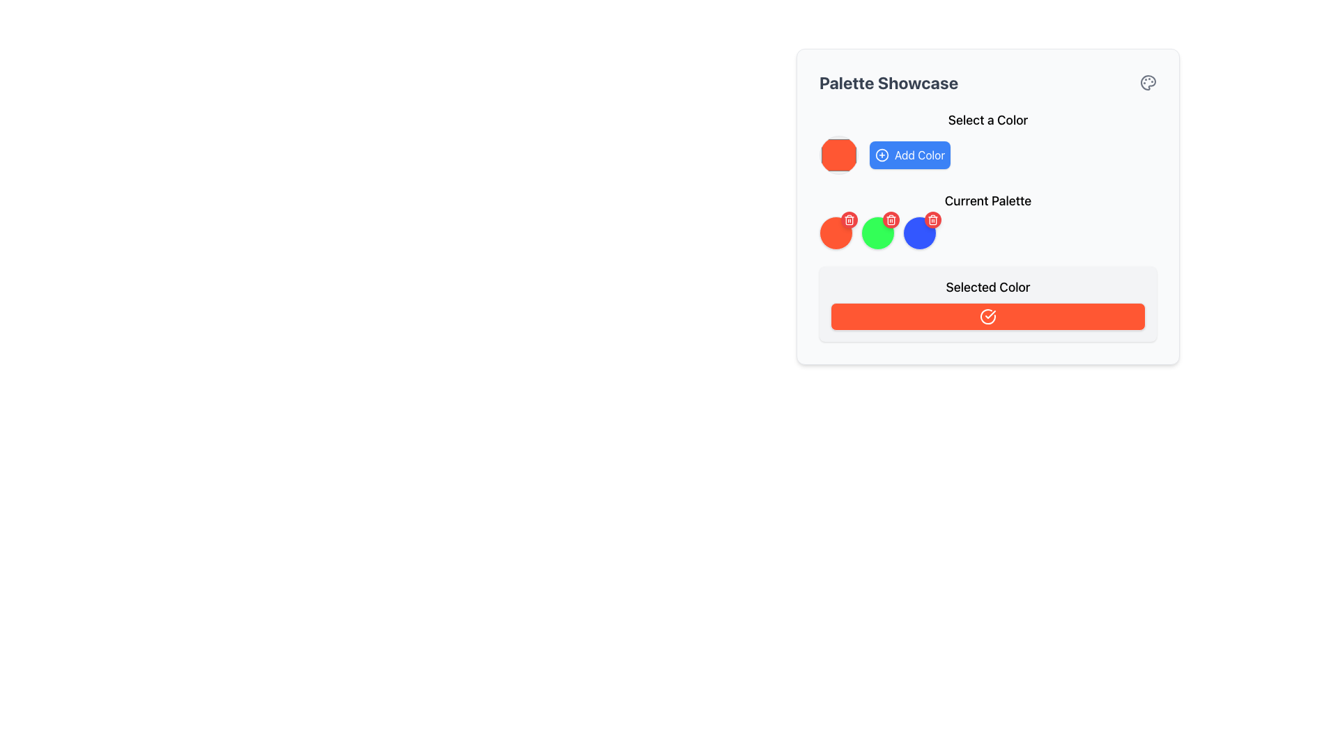 The height and width of the screenshot is (752, 1338). What do you see at coordinates (890, 219) in the screenshot?
I see `the small circular red delete button with a trash bin icon located at the top-right corner of the green color option button` at bounding box center [890, 219].